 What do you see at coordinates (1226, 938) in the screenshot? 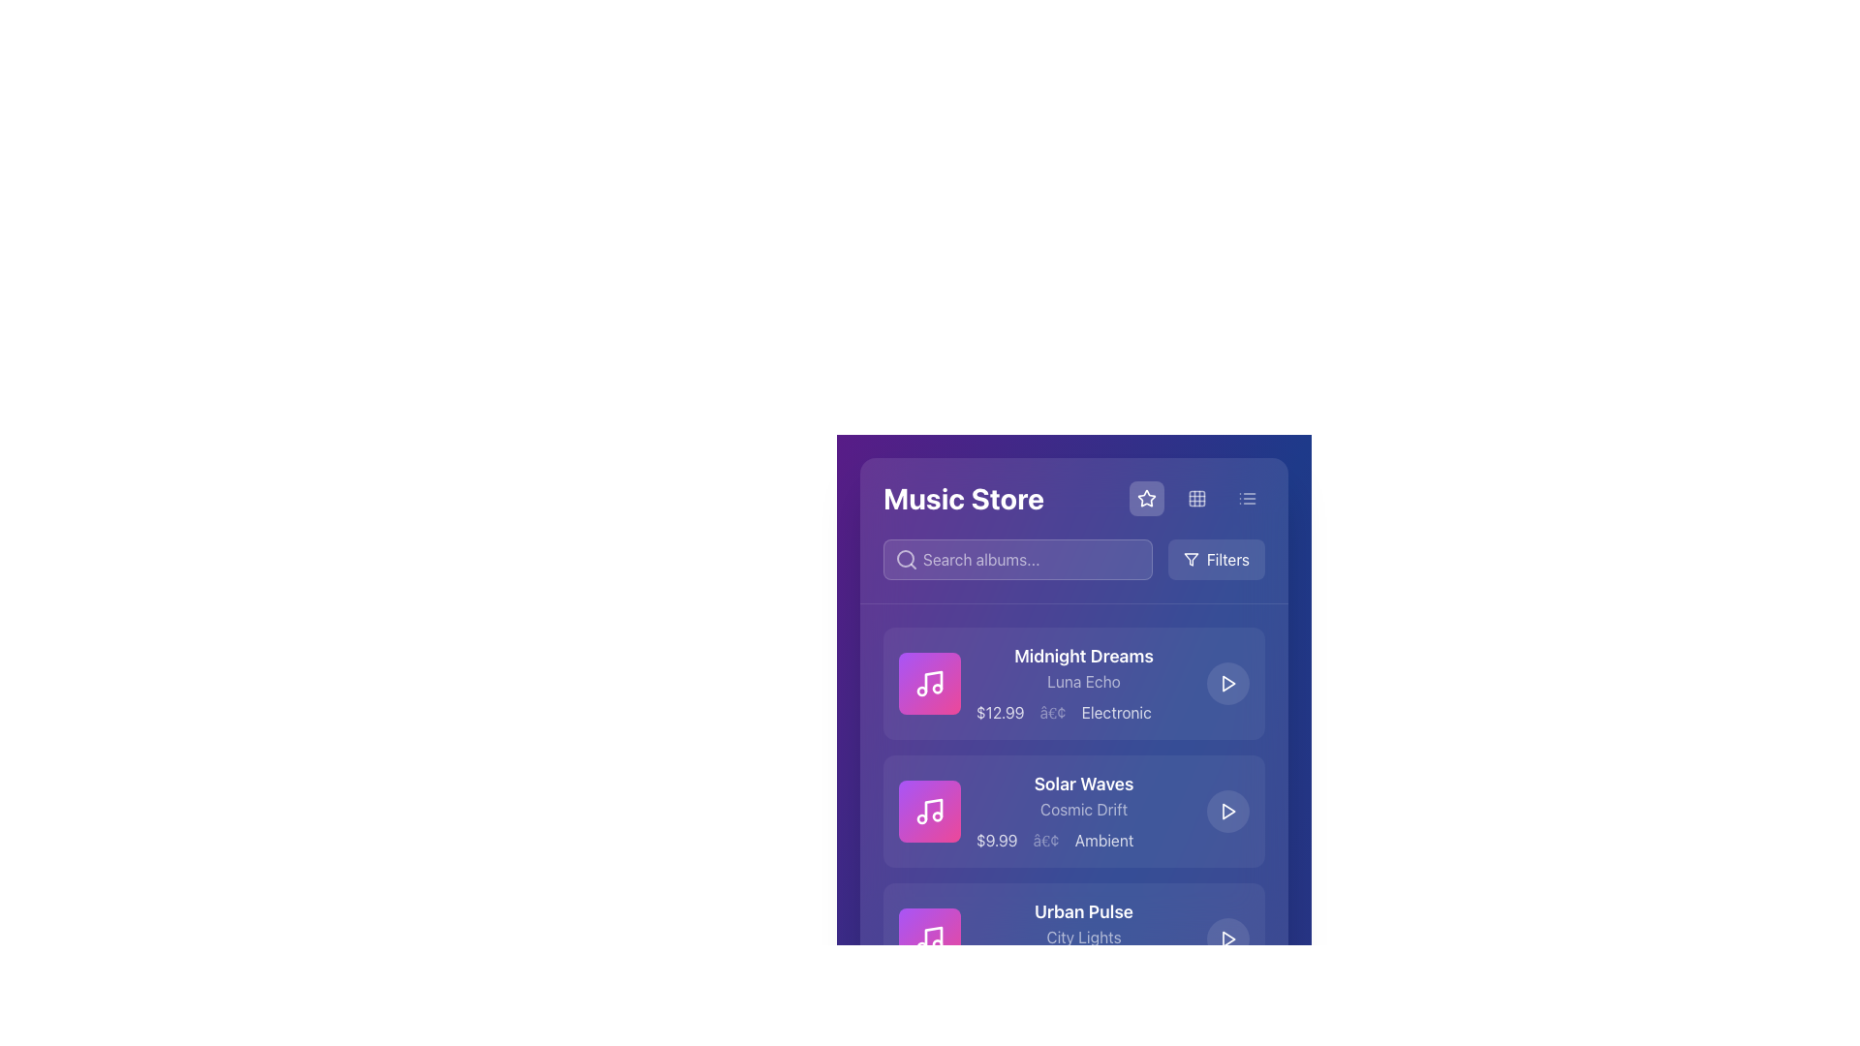
I see `the circular play button with a triangular play icon, located on the far right of the row labeled 'Urban Pulse City Lights $11.99 Pop', to observe the hover effects` at bounding box center [1226, 938].